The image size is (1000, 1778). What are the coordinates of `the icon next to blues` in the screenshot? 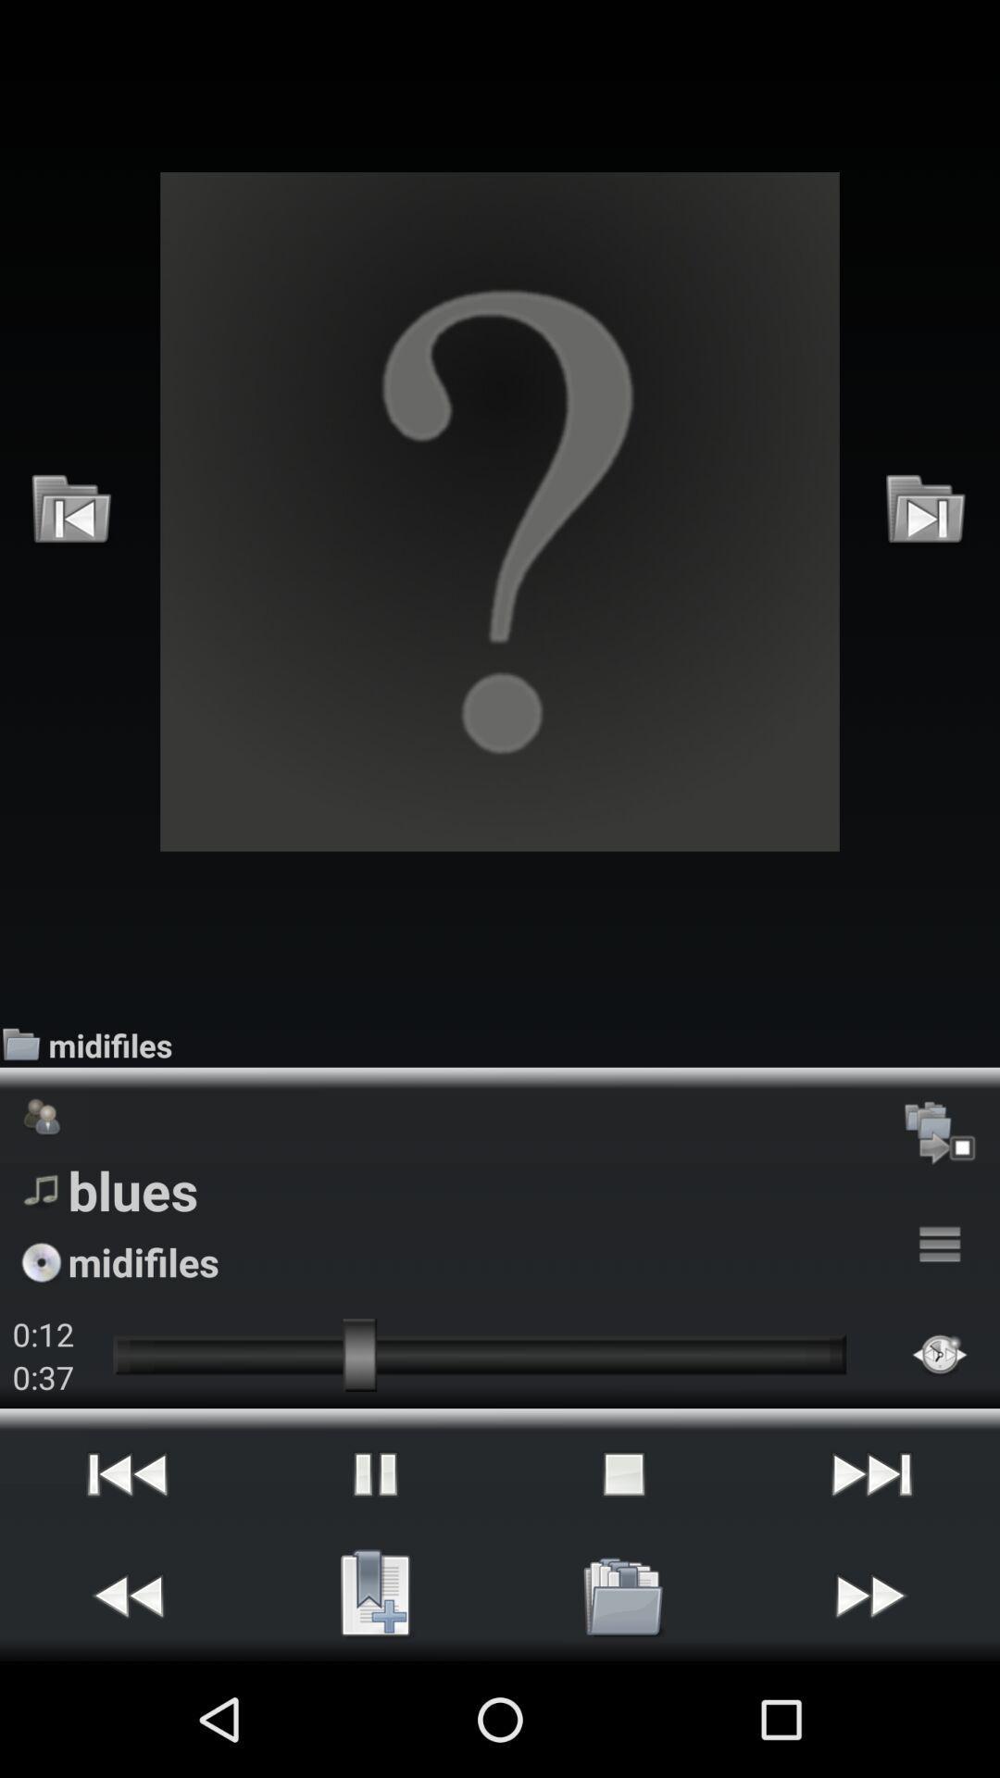 It's located at (940, 1245).